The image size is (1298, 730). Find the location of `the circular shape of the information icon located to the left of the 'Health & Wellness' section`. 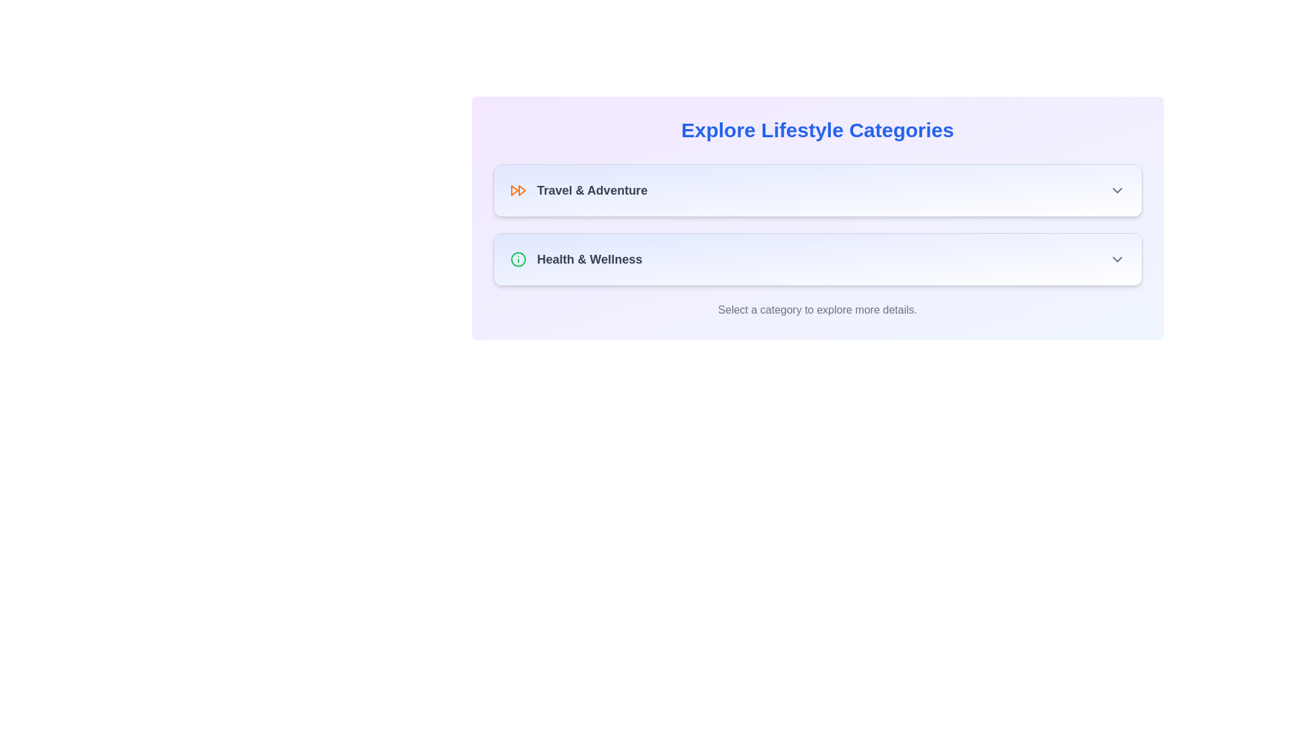

the circular shape of the information icon located to the left of the 'Health & Wellness' section is located at coordinates (517, 260).